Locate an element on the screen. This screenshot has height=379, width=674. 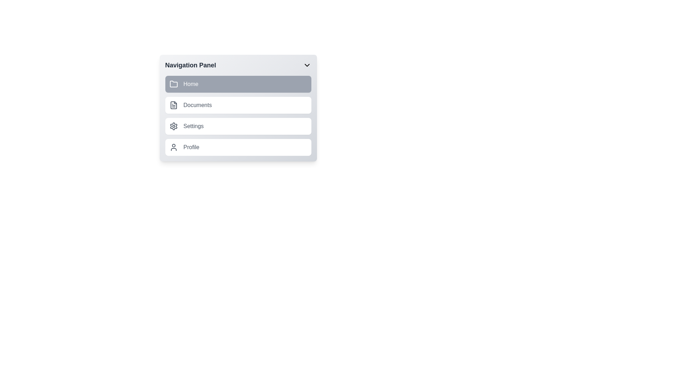
the 'Documents' navigation link located as the second item in the vertical navigation panel is located at coordinates (238, 112).